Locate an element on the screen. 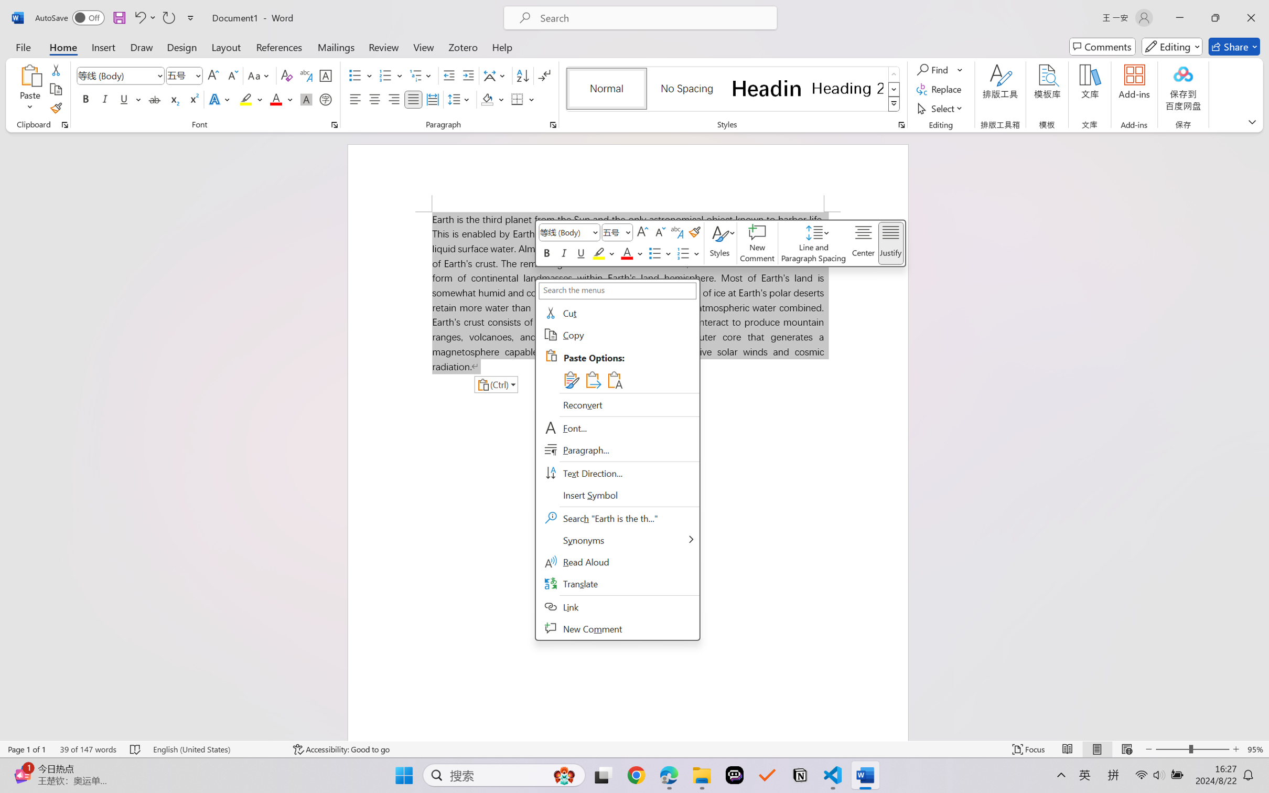 The image size is (1269, 793). 'Phonetic Guide...' is located at coordinates (305, 76).